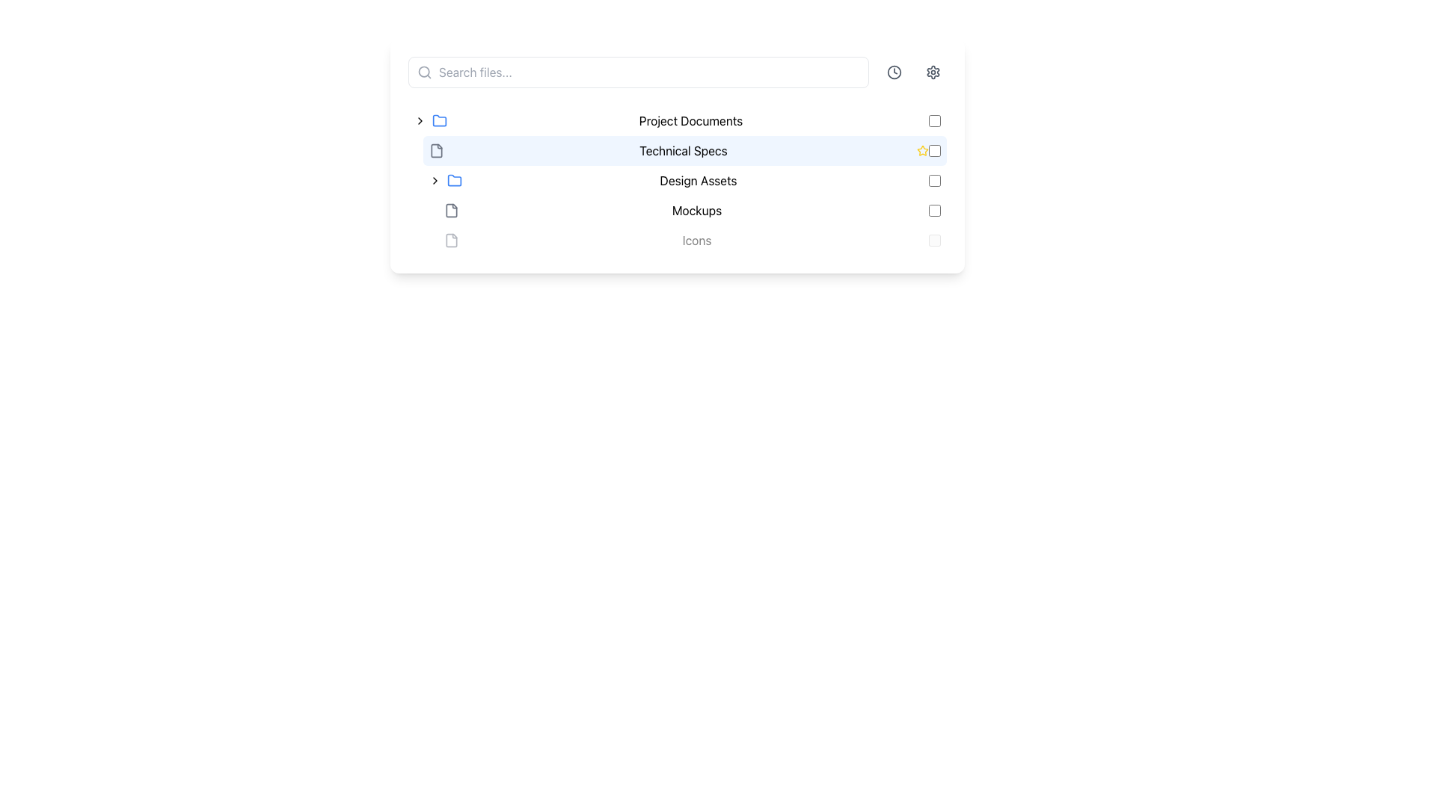  What do you see at coordinates (894, 72) in the screenshot?
I see `the time-related settings button located at the top-right corner of the interface, positioned next to the settings gear button` at bounding box center [894, 72].